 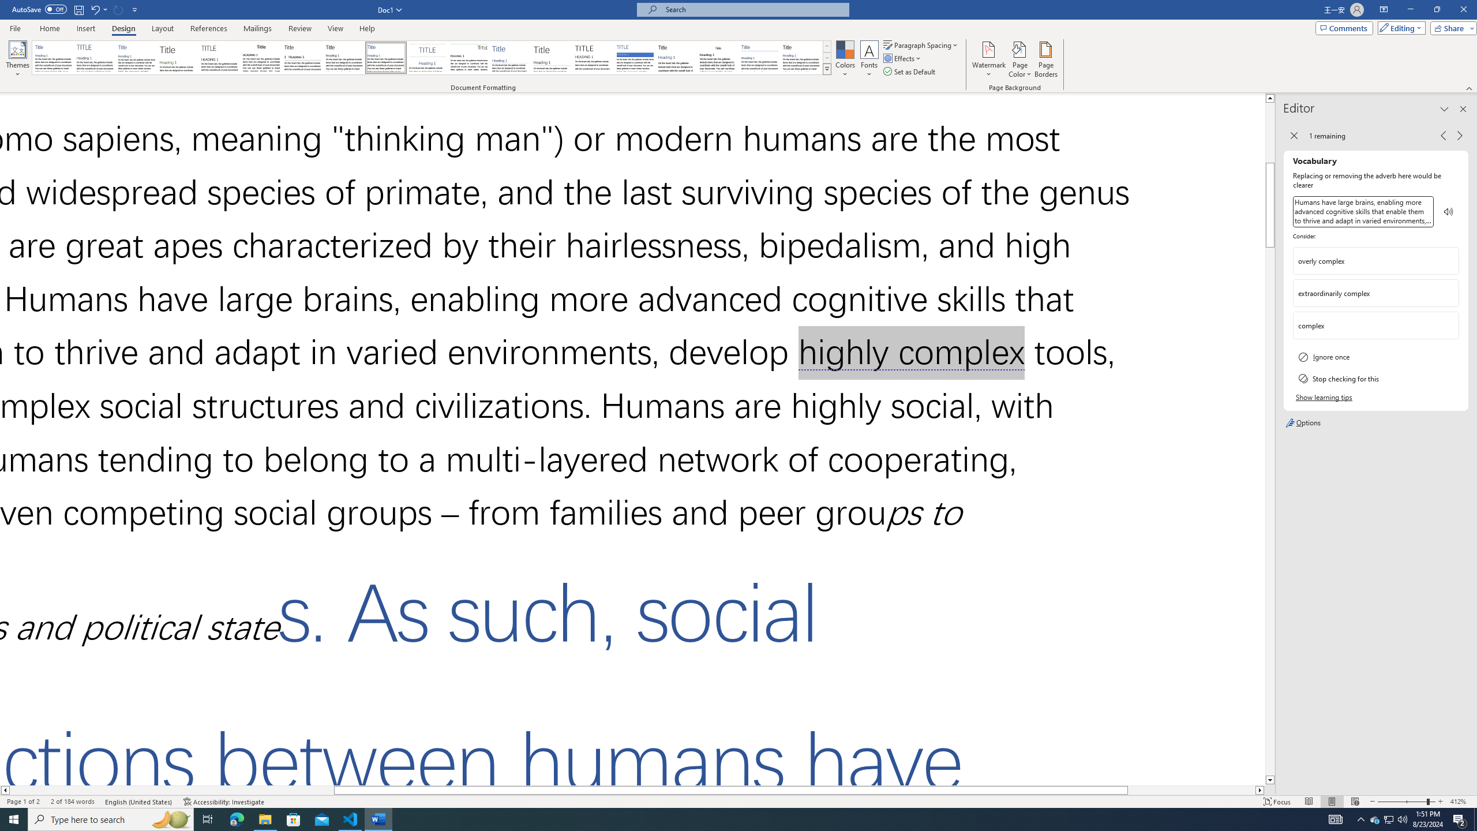 What do you see at coordinates (1366, 260) in the screenshot?
I see `'overly complex'` at bounding box center [1366, 260].